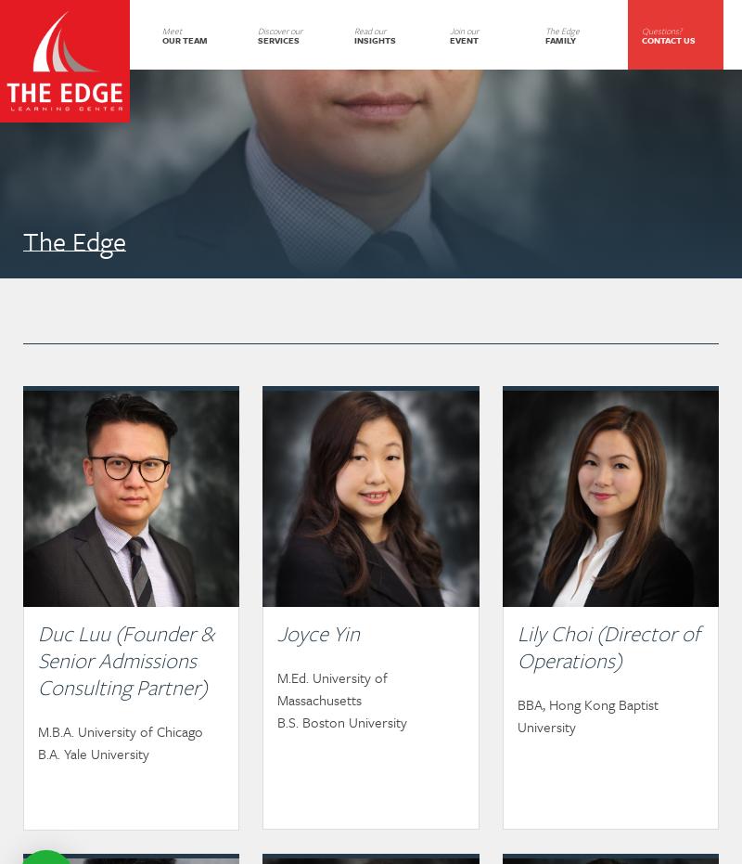 The image size is (742, 864). I want to click on 'B.A. Yale University', so click(93, 751).